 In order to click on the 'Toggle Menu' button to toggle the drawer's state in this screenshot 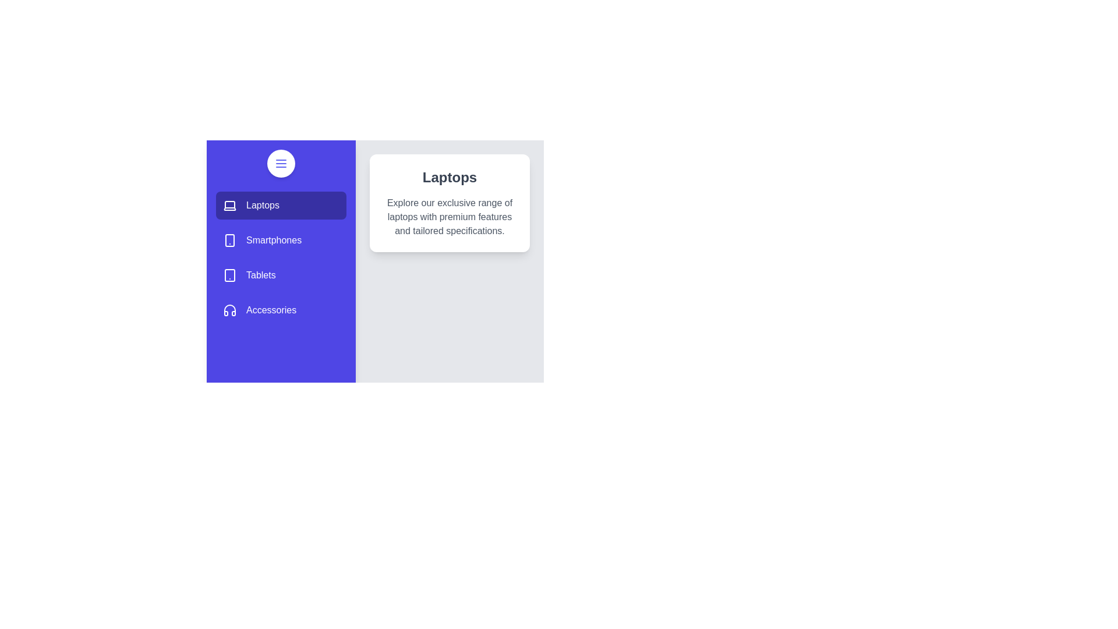, I will do `click(281, 164)`.